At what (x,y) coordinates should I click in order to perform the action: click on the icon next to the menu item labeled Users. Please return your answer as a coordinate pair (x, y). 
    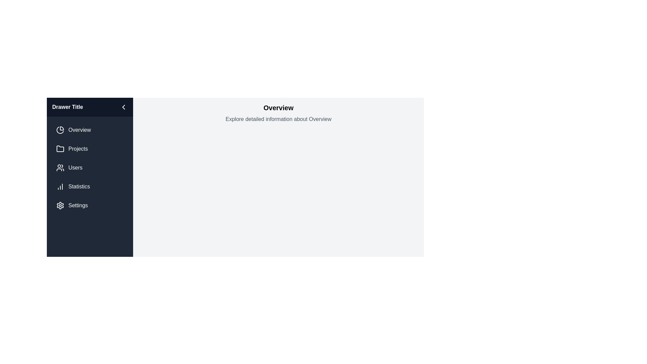
    Looking at the image, I should click on (60, 167).